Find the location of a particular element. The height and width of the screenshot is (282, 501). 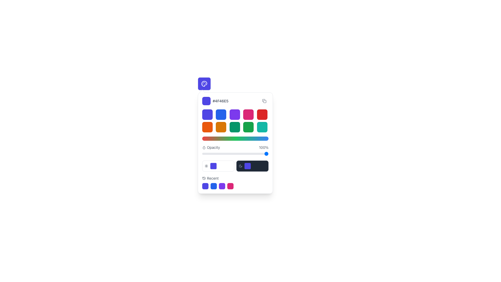

the circular palette icon with a bright blue background is located at coordinates (204, 83).